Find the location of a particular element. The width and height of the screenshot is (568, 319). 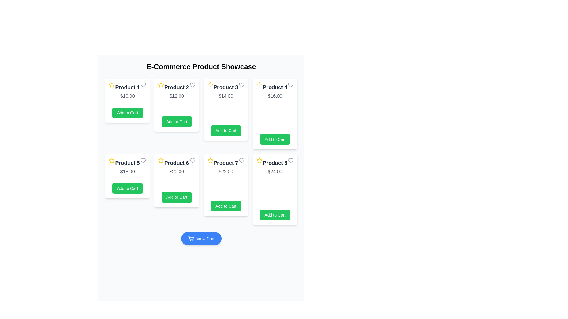

the top-left icon button in the card below the heading 'Product 2' is located at coordinates (161, 85).